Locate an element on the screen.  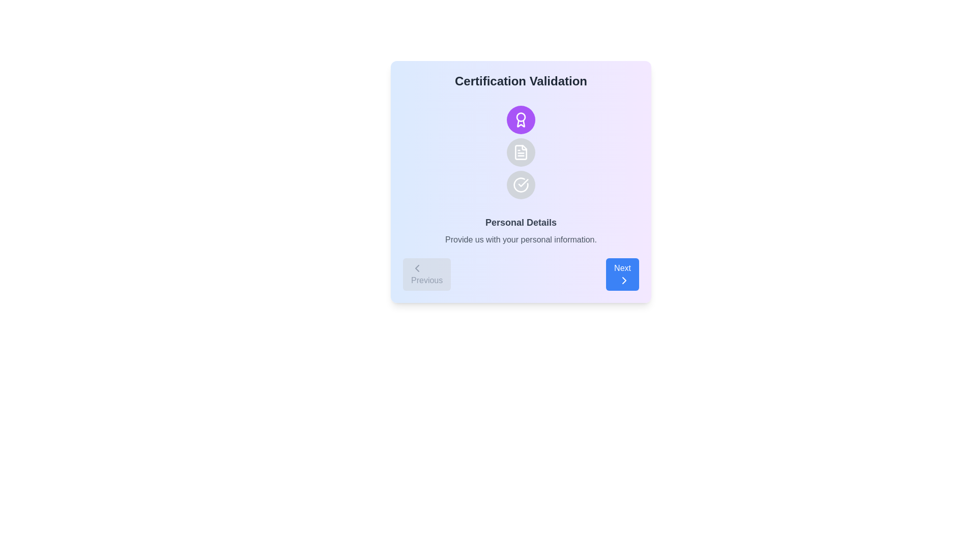
the rightward-pointing chevron-shaped icon within the 'Next' button located in the bottom-right corner of the card-like section is located at coordinates (624, 280).